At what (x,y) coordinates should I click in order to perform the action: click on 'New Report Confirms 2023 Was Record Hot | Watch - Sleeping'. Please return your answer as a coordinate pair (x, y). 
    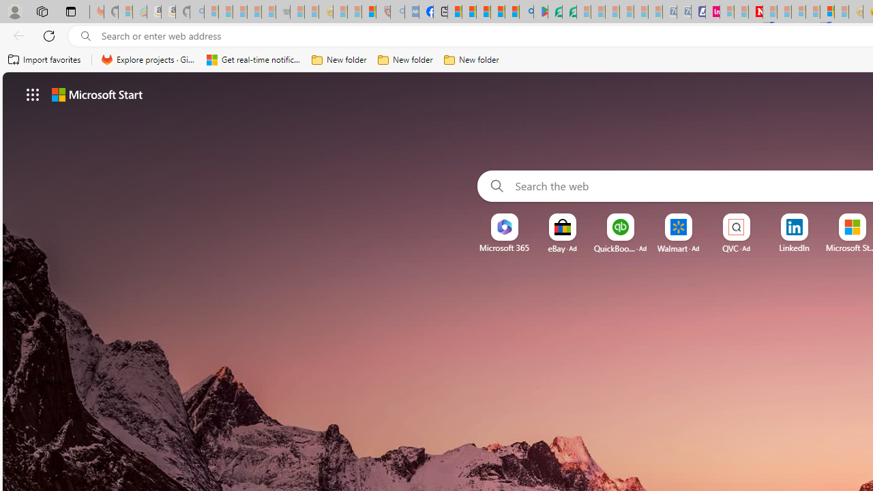
    Looking at the image, I should click on (269, 12).